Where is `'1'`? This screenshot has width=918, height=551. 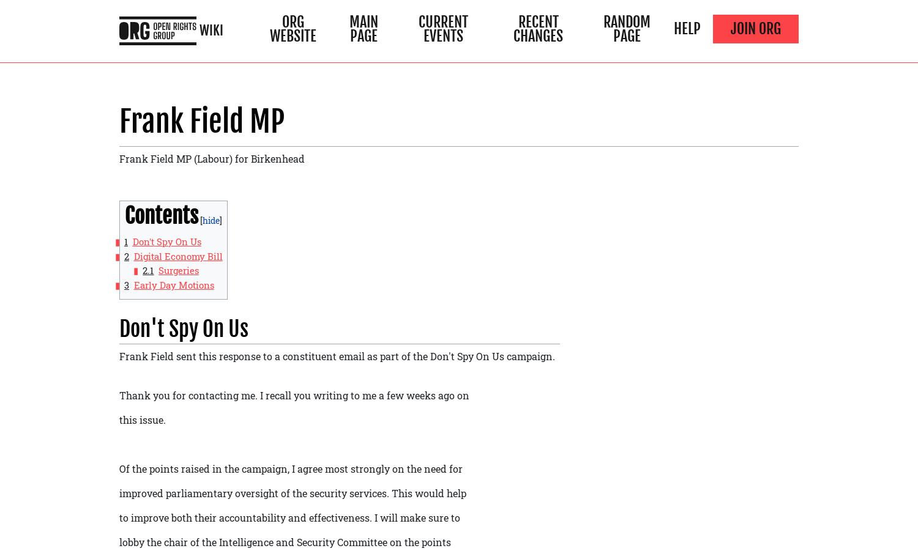
'1' is located at coordinates (123, 240).